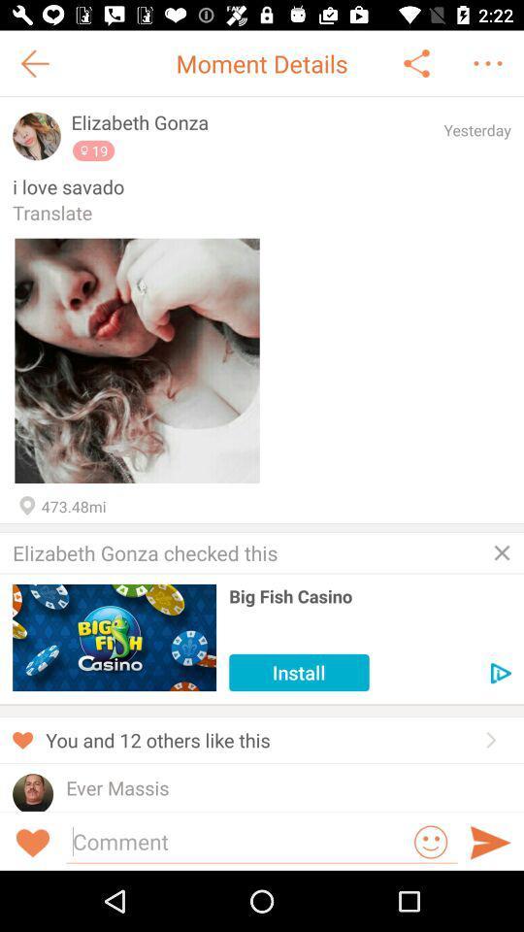  Describe the element at coordinates (37, 135) in the screenshot. I see `profile` at that location.